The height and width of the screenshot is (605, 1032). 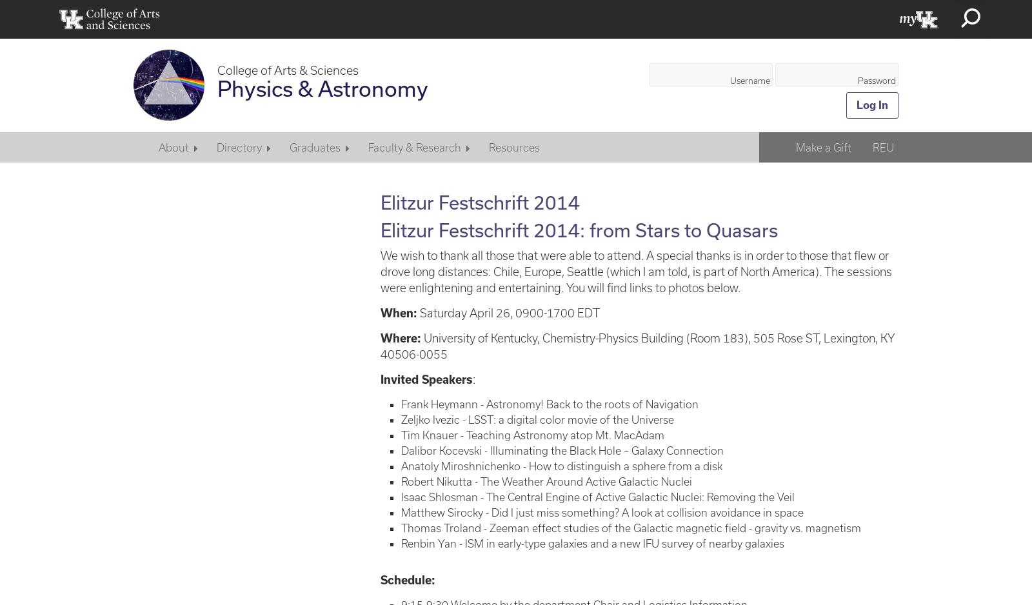 I want to click on 'Username', so click(x=750, y=80).